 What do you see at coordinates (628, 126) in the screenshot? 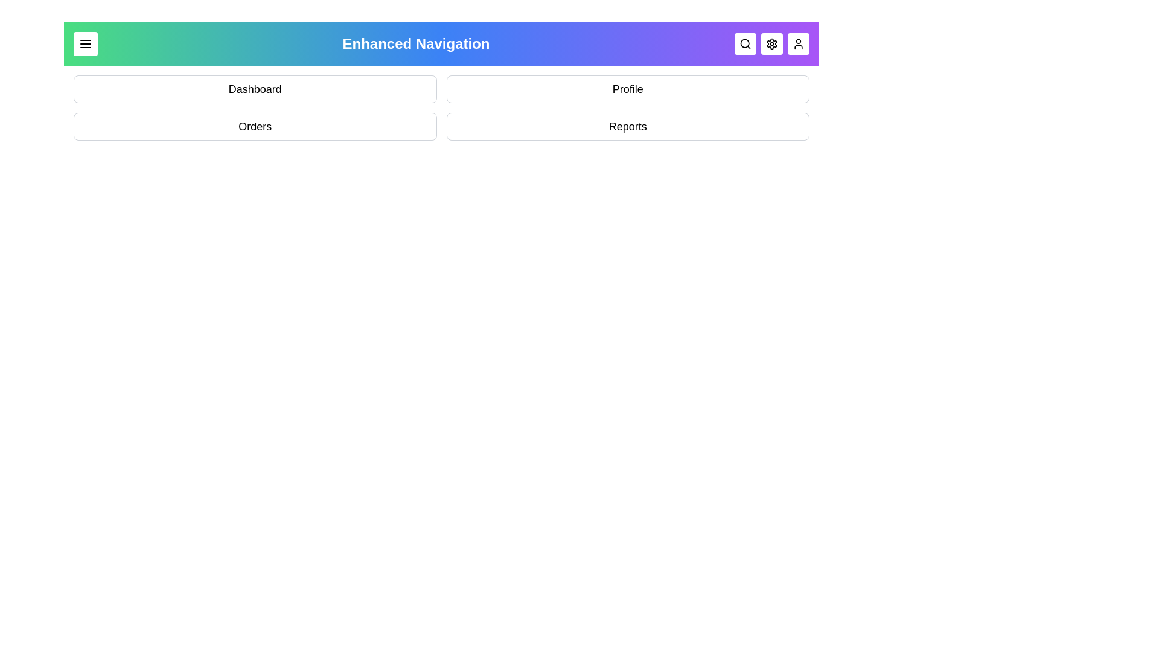
I see `the option Reports from the dropdown menu` at bounding box center [628, 126].